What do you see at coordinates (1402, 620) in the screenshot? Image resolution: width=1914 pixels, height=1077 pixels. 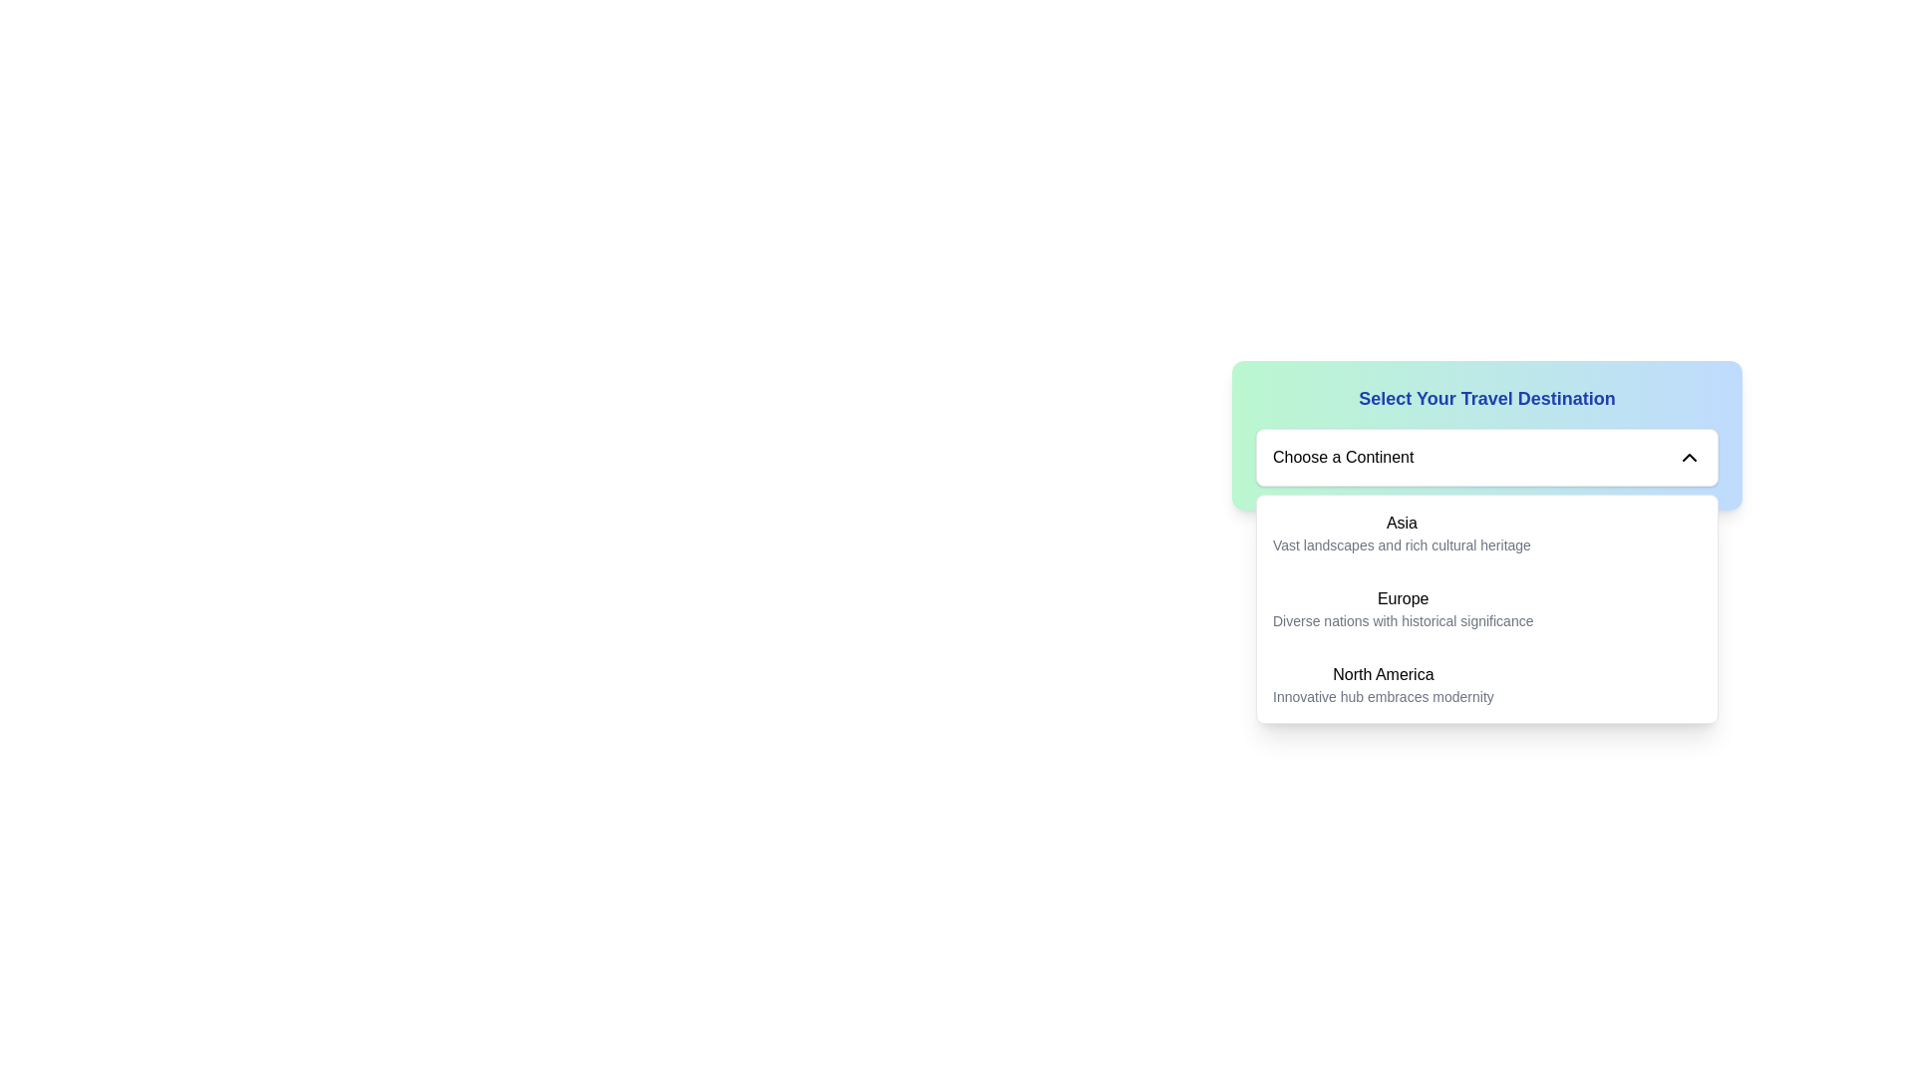 I see `the text label reading 'Diverse nations with historical significance', which is positioned directly below the 'Europe' label in the dropdown list interface` at bounding box center [1402, 620].